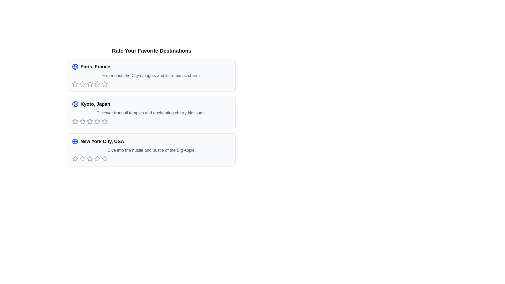 The width and height of the screenshot is (505, 284). What do you see at coordinates (82, 159) in the screenshot?
I see `the second star-shaped rating icon located below the 'New York City, USA' entry in the rating list for an interactive effect` at bounding box center [82, 159].